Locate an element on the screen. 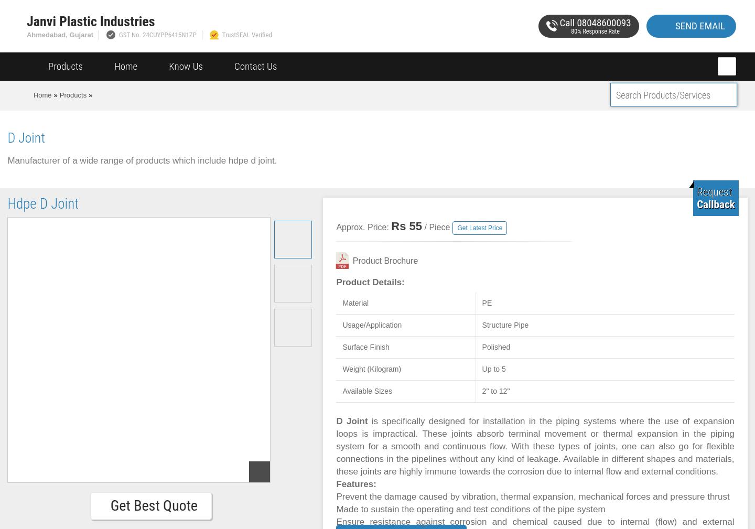 The width and height of the screenshot is (755, 529). 'Hdpe D Joint' is located at coordinates (42, 203).